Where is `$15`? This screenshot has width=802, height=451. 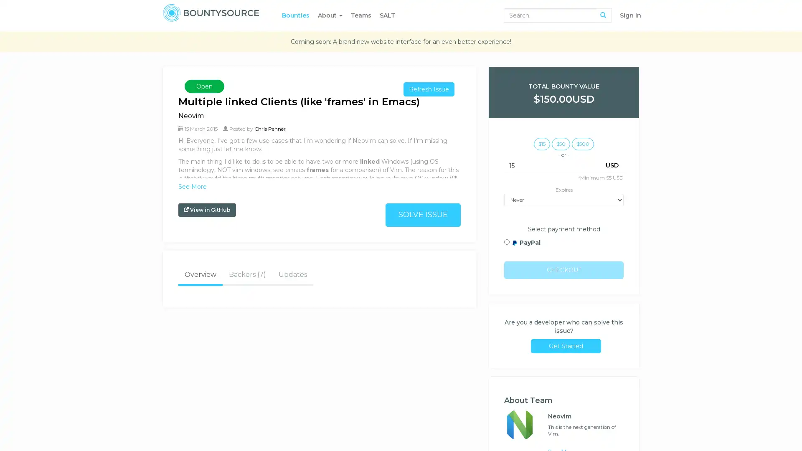
$15 is located at coordinates (542, 143).